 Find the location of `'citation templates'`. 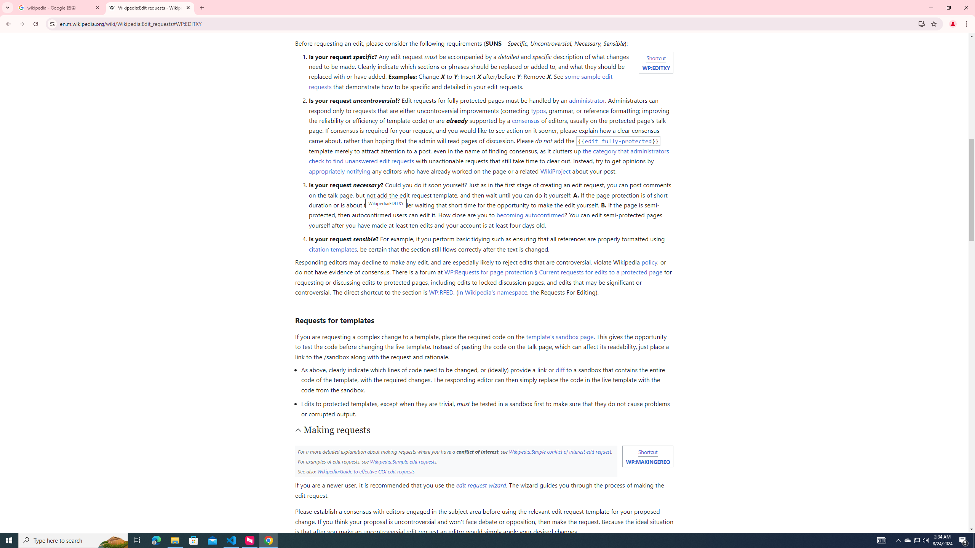

'citation templates' is located at coordinates (332, 249).